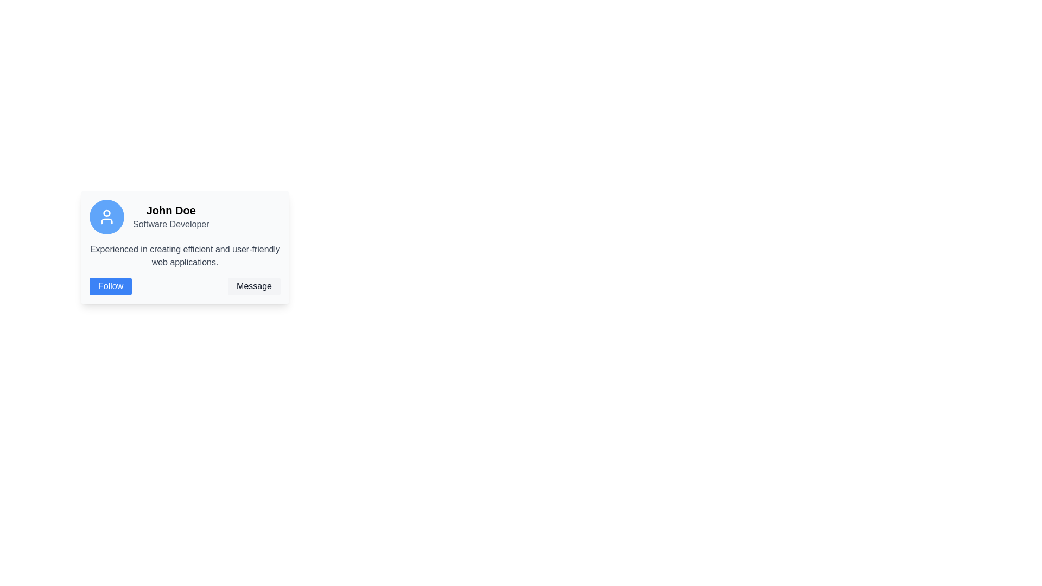  What do you see at coordinates (106, 221) in the screenshot?
I see `the lower part of the humanoid icon representing the shoulders or torso area of the user profile icon, which is located within a blue circular background, to the left of the text 'John Doe' and 'Software Developer'` at bounding box center [106, 221].